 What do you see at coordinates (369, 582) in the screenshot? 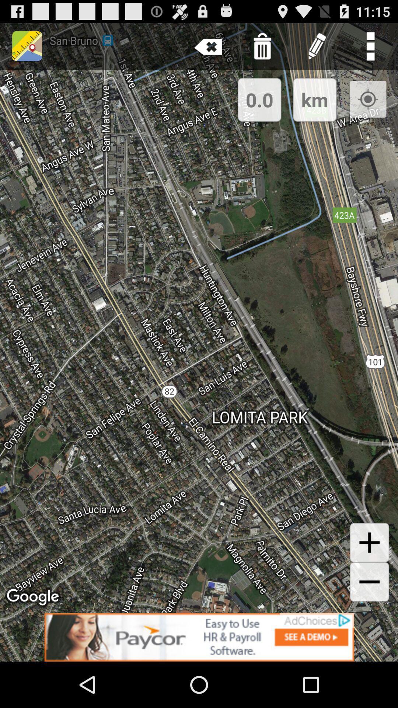
I see `minus option` at bounding box center [369, 582].